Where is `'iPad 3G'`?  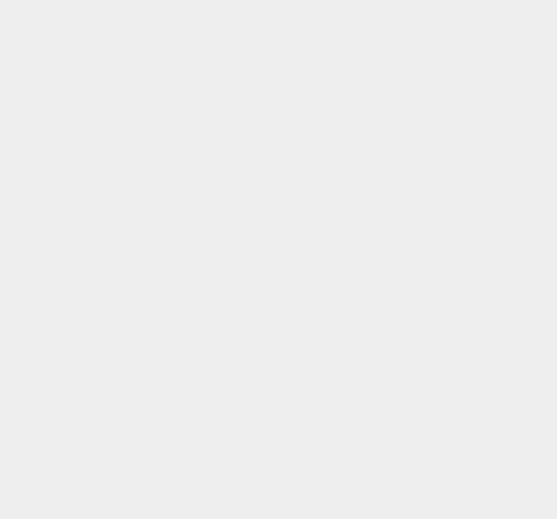 'iPad 3G' is located at coordinates (405, 270).